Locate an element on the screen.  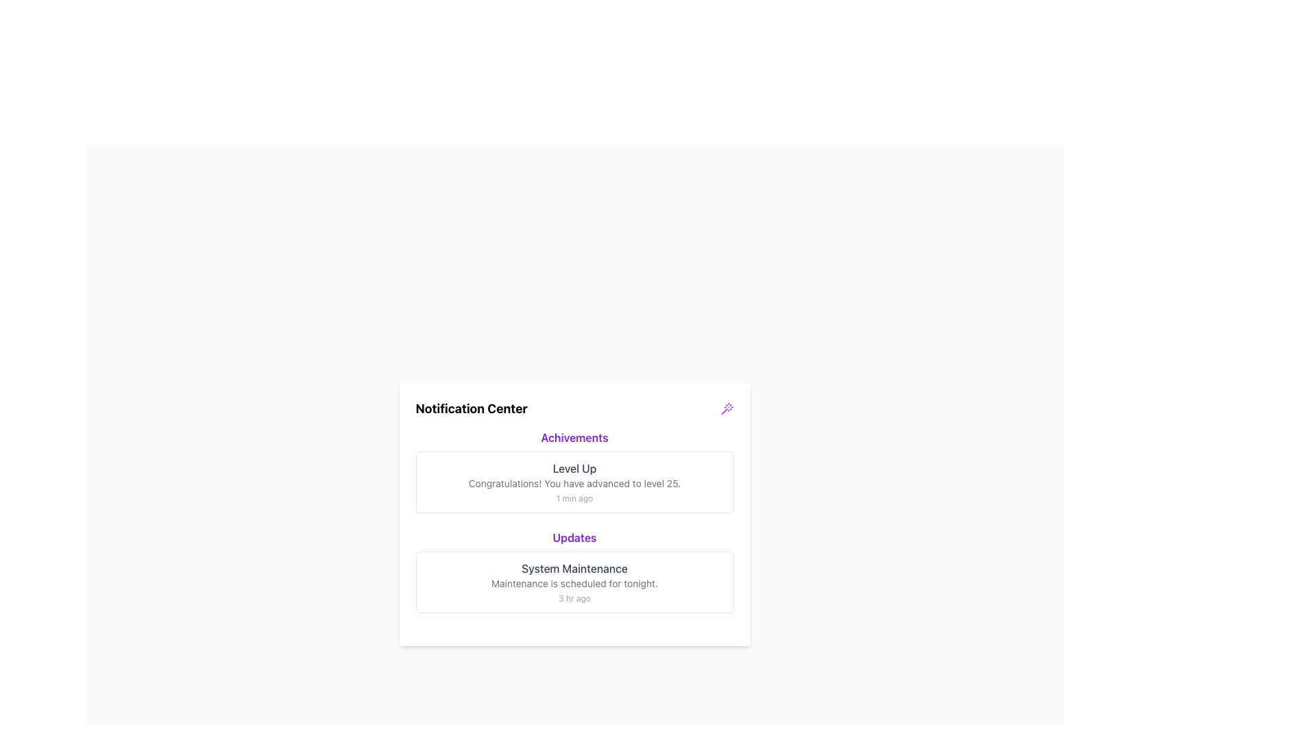
the graphical wand icon located in the top-right corner of the 'Notification Center' section, aligned horizontally with the heading text is located at coordinates (726, 408).